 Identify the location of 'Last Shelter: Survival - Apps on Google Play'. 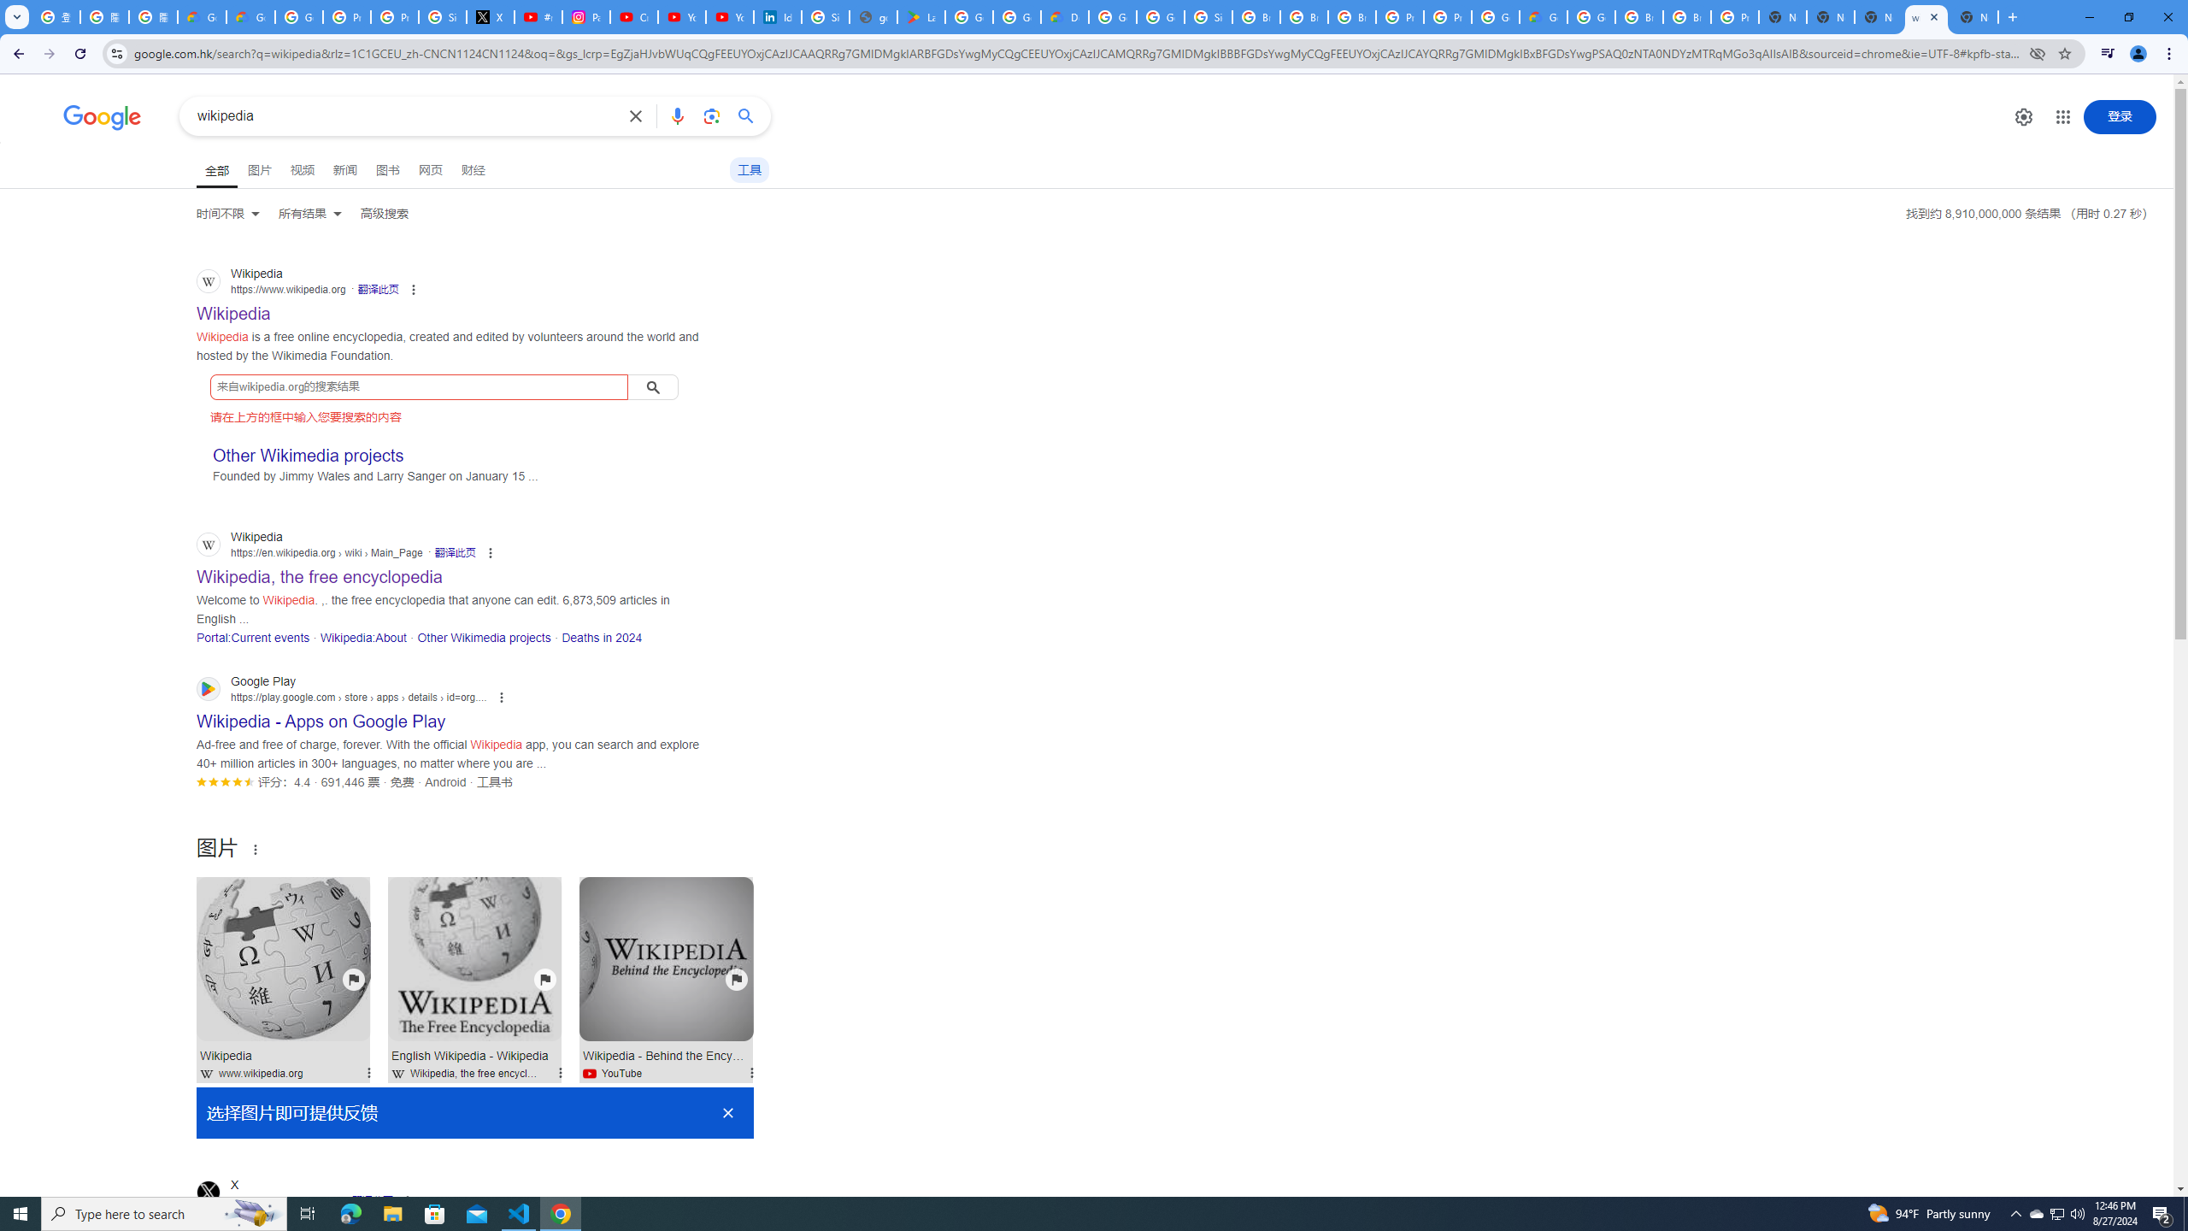
(922, 16).